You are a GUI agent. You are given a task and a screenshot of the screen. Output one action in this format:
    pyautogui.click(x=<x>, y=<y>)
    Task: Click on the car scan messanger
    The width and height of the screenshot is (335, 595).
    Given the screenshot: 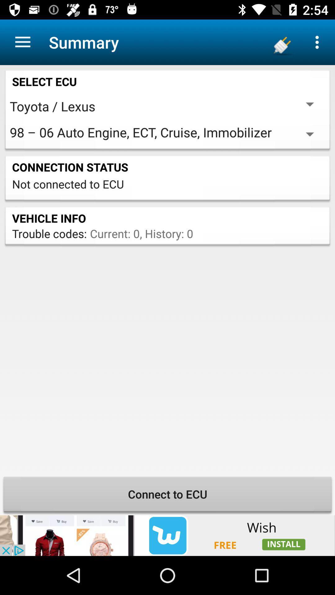 What is the action you would take?
    pyautogui.click(x=167, y=535)
    